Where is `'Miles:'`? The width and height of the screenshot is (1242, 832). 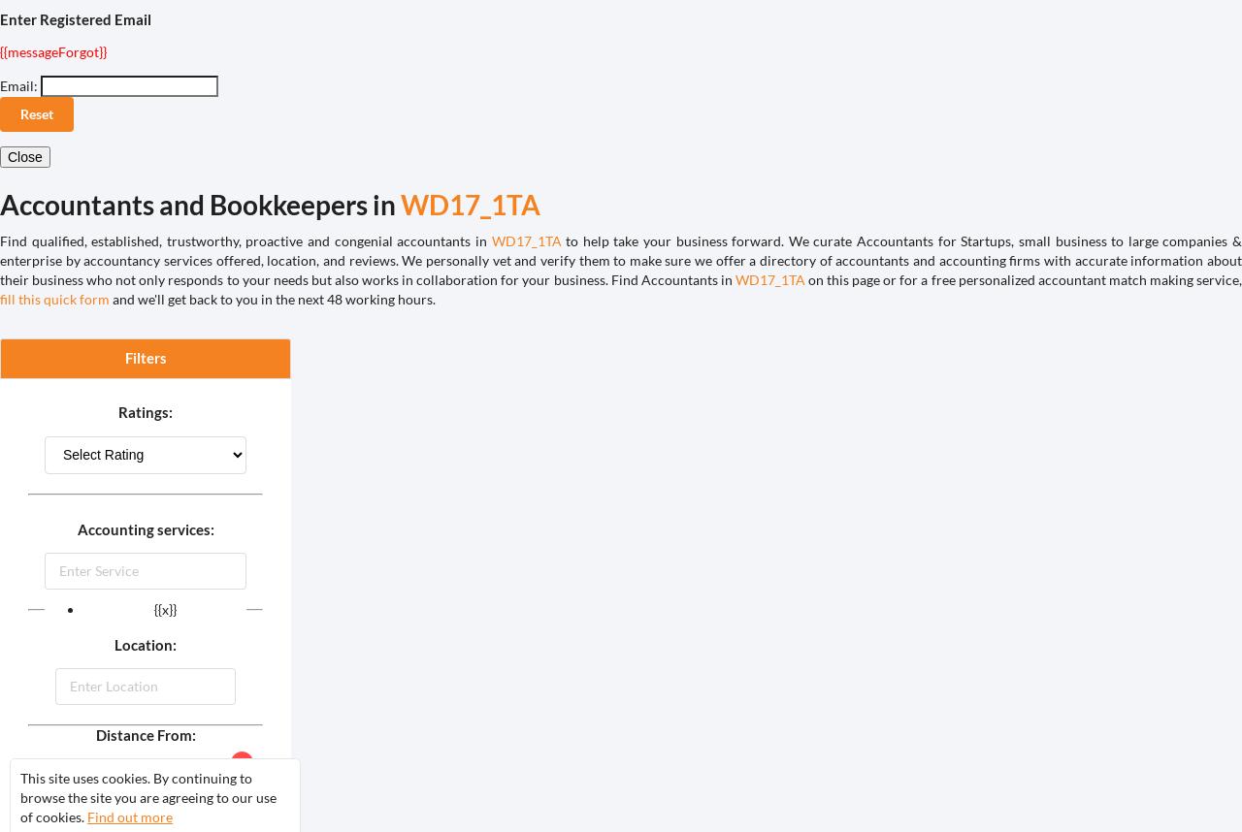
'Miles:' is located at coordinates (129, 795).